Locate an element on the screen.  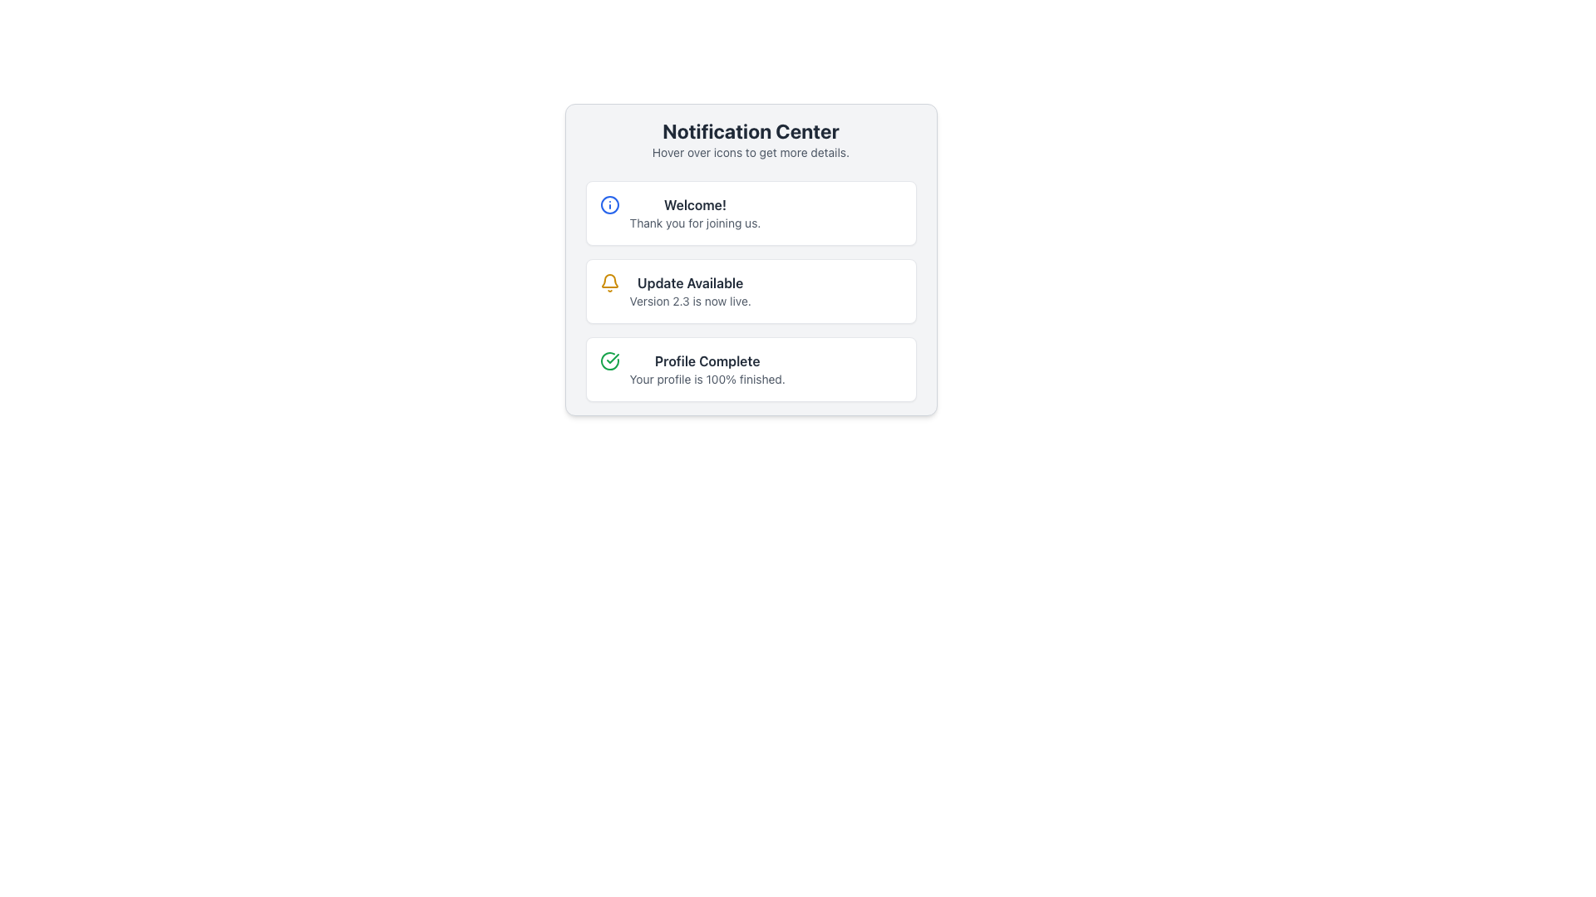
the welcome message text block located in the Notification Center, positioned between the 'info' icon above and the 'Update Available' and 'Profile Complete' elements below is located at coordinates (695, 213).